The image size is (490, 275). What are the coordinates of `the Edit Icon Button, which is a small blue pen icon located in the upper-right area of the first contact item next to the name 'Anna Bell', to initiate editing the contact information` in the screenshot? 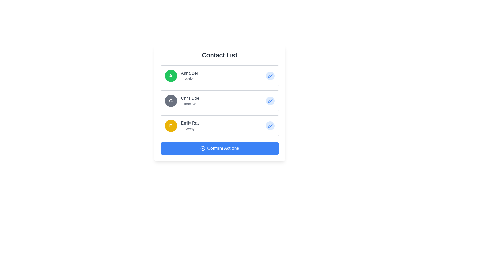 It's located at (270, 76).